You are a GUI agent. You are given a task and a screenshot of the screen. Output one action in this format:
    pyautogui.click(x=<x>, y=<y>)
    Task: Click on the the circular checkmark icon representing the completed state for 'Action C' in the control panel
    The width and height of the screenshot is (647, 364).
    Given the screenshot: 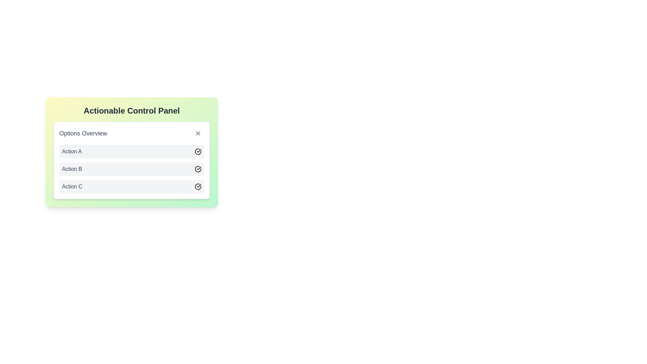 What is the action you would take?
    pyautogui.click(x=198, y=187)
    